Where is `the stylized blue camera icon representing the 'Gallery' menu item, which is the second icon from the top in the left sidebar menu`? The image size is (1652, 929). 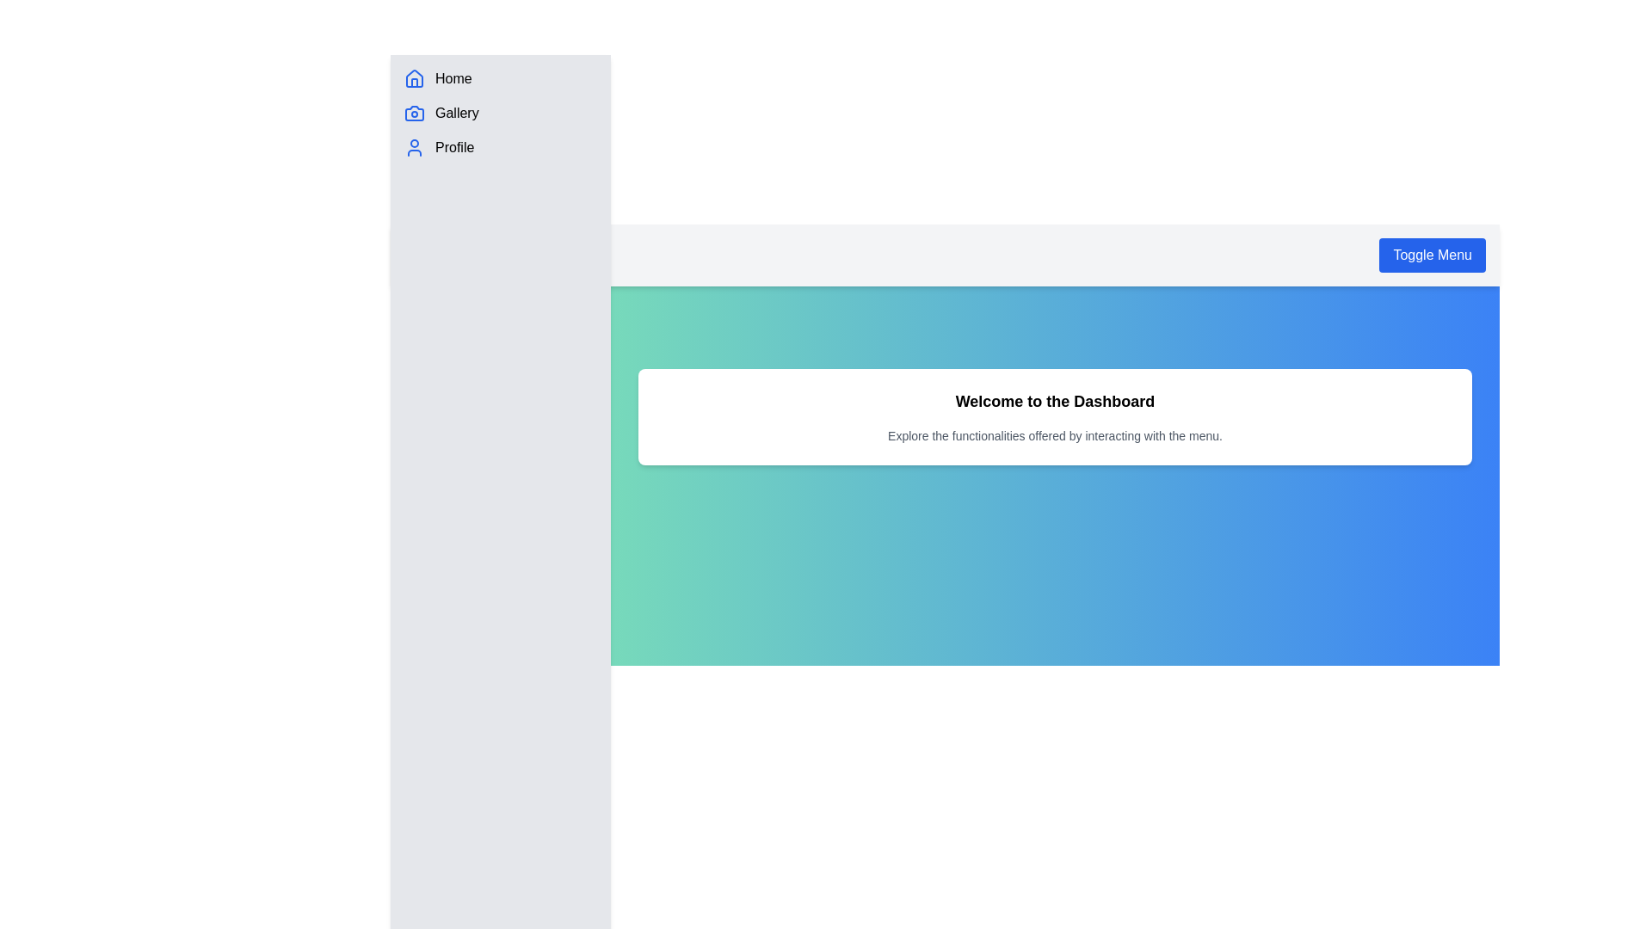 the stylized blue camera icon representing the 'Gallery' menu item, which is the second icon from the top in the left sidebar menu is located at coordinates (414, 113).